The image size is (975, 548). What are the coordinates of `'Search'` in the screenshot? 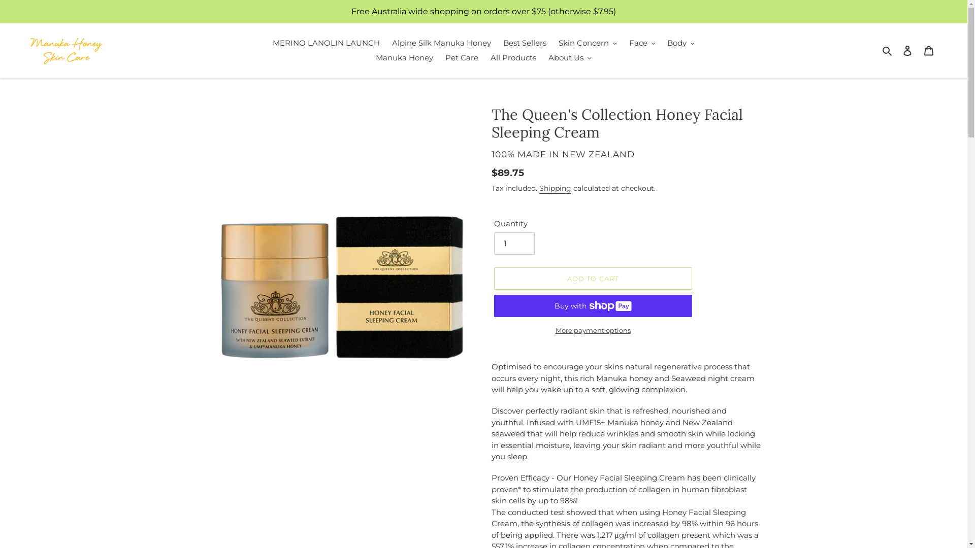 It's located at (887, 50).